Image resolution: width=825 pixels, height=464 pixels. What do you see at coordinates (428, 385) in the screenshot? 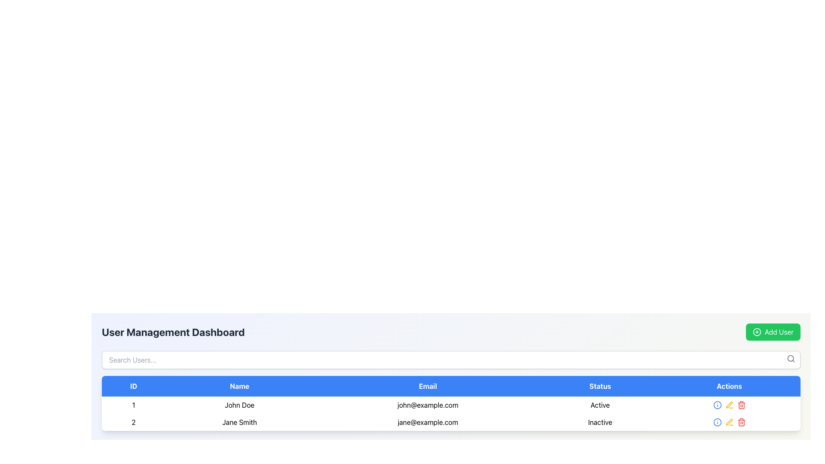
I see `label text of the third header item in the table, which corresponds to the email information column` at bounding box center [428, 385].